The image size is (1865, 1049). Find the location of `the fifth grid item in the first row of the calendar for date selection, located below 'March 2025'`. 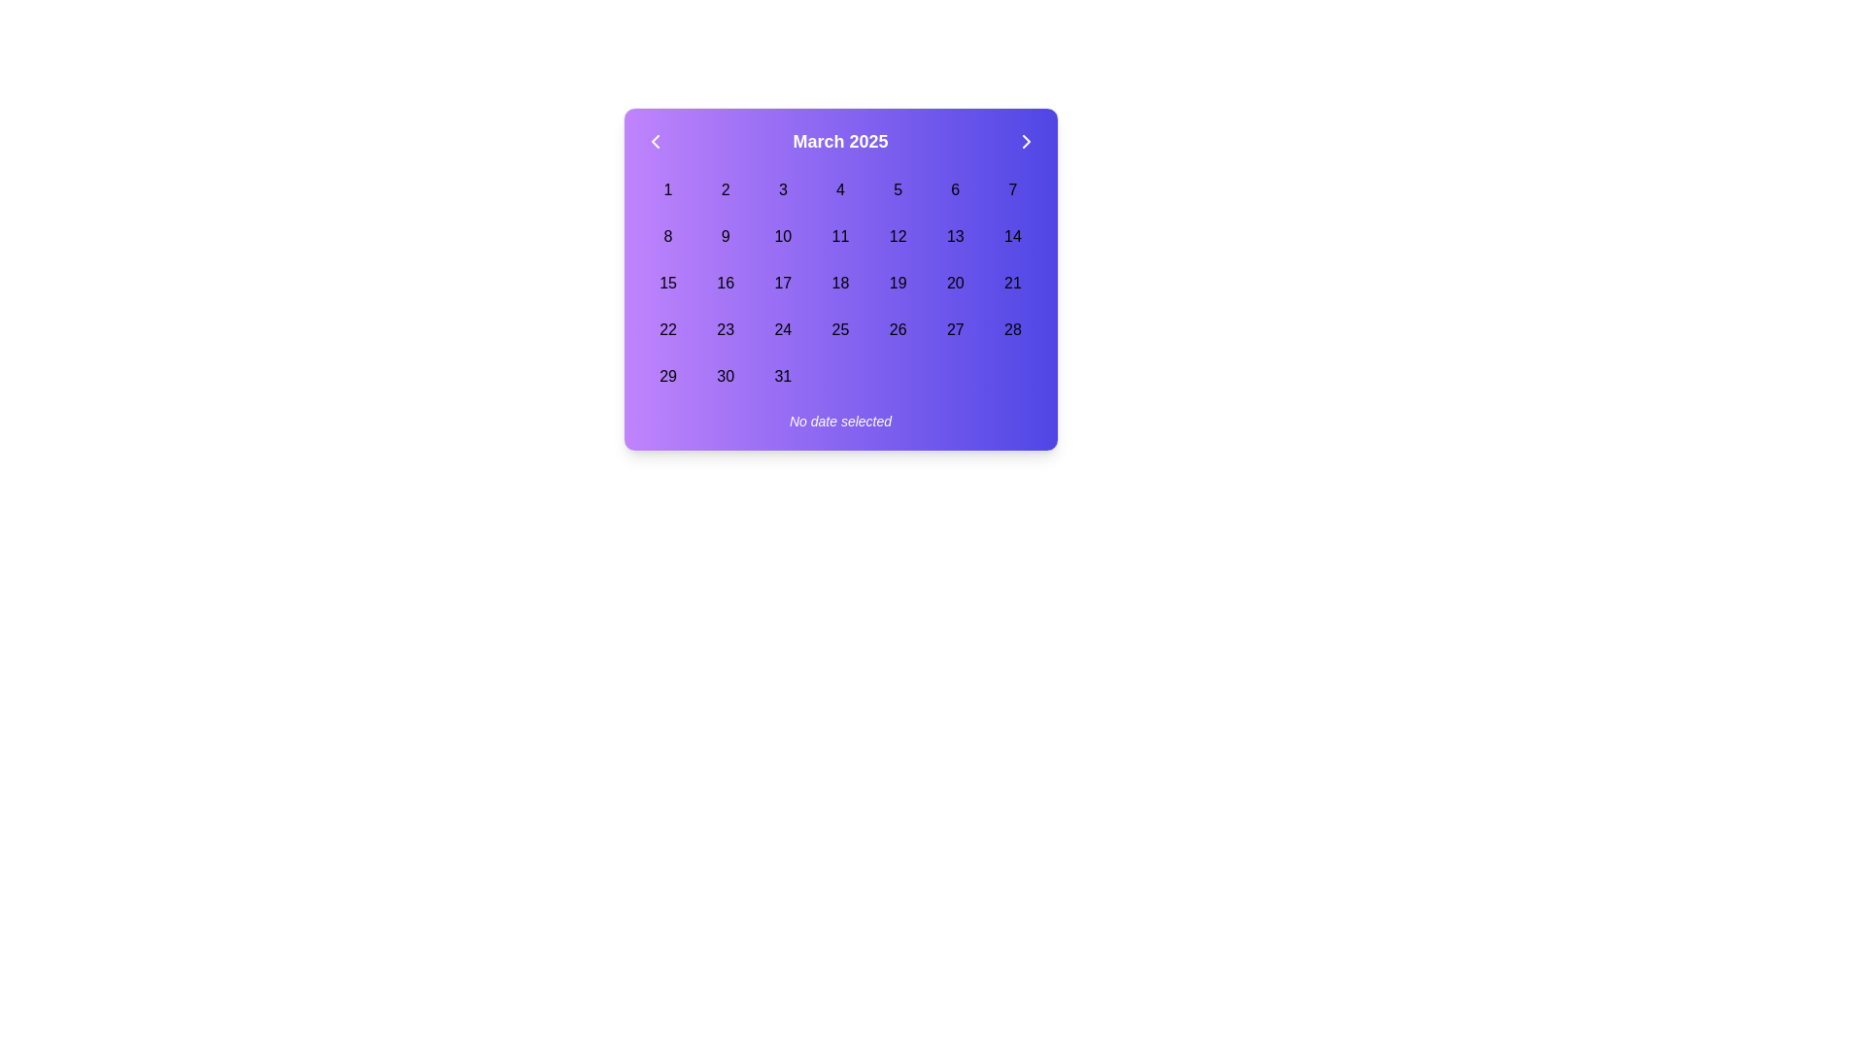

the fifth grid item in the first row of the calendar for date selection, located below 'March 2025' is located at coordinates (897, 190).